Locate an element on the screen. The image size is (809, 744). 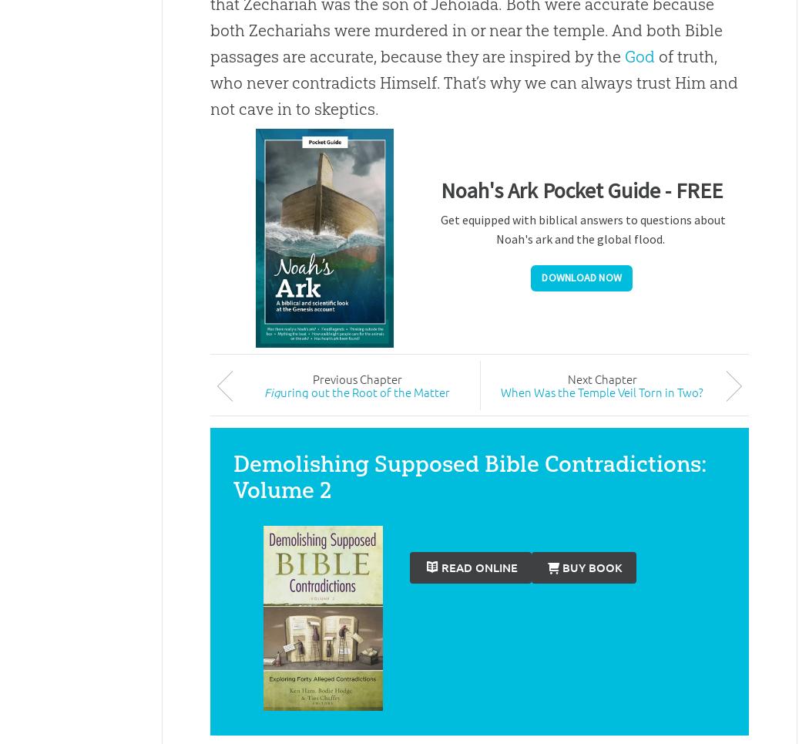
'When Was the Temple Veil Torn in Two?' is located at coordinates (602, 391).